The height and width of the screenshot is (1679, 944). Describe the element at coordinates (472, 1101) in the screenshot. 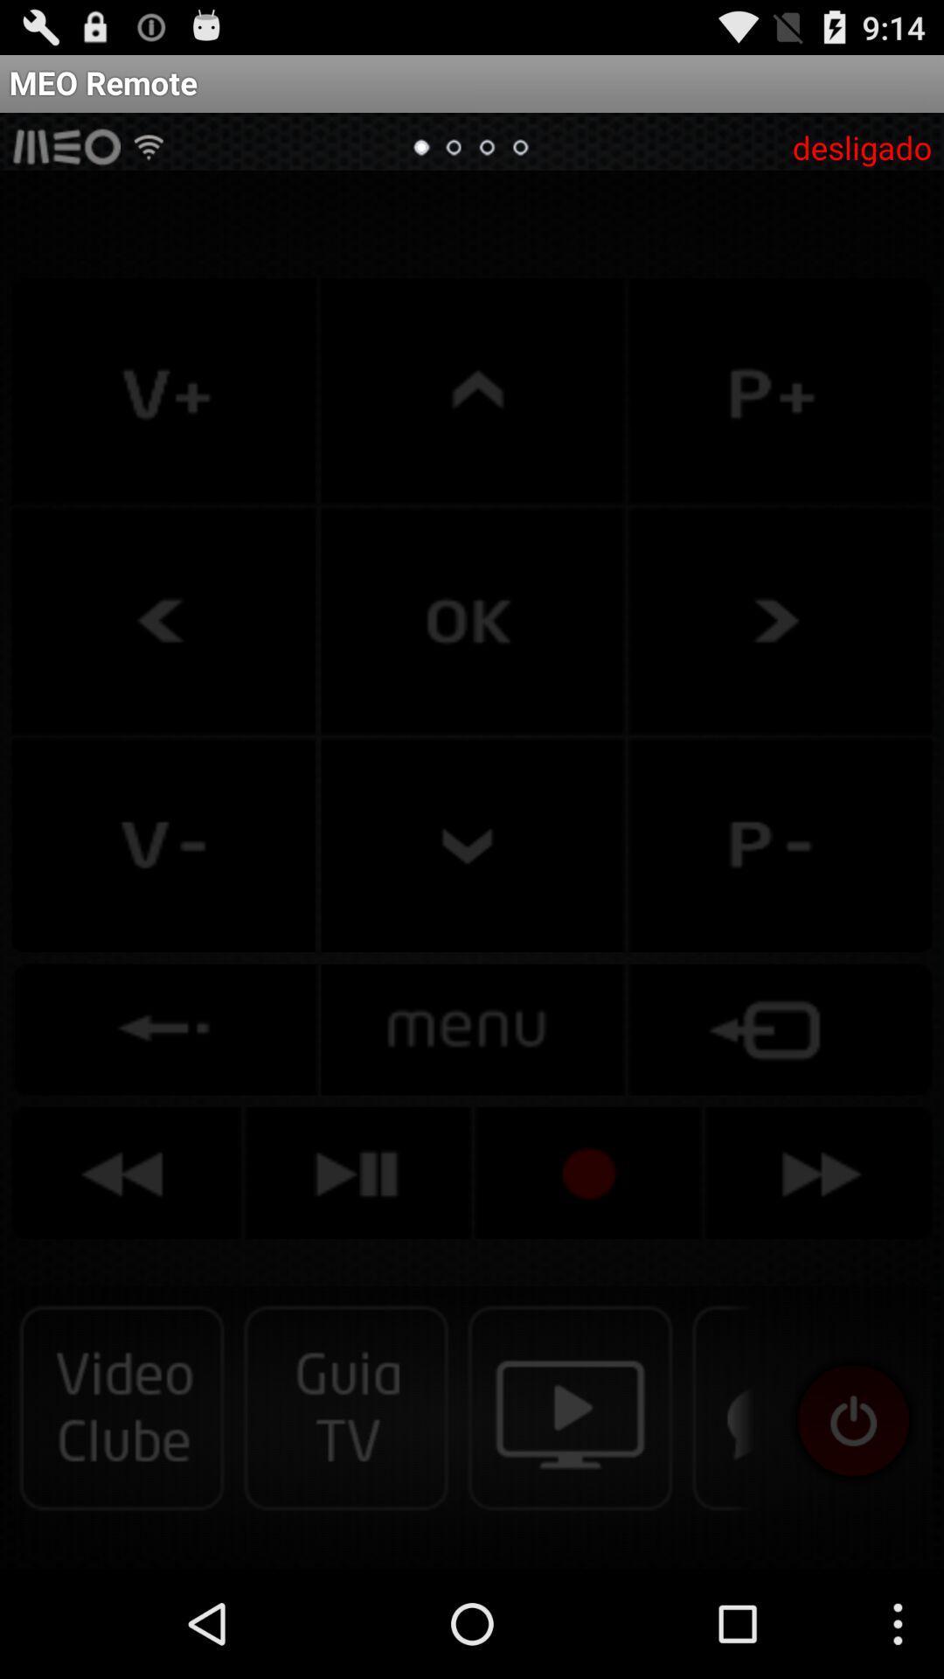

I see `the sliders icon` at that location.